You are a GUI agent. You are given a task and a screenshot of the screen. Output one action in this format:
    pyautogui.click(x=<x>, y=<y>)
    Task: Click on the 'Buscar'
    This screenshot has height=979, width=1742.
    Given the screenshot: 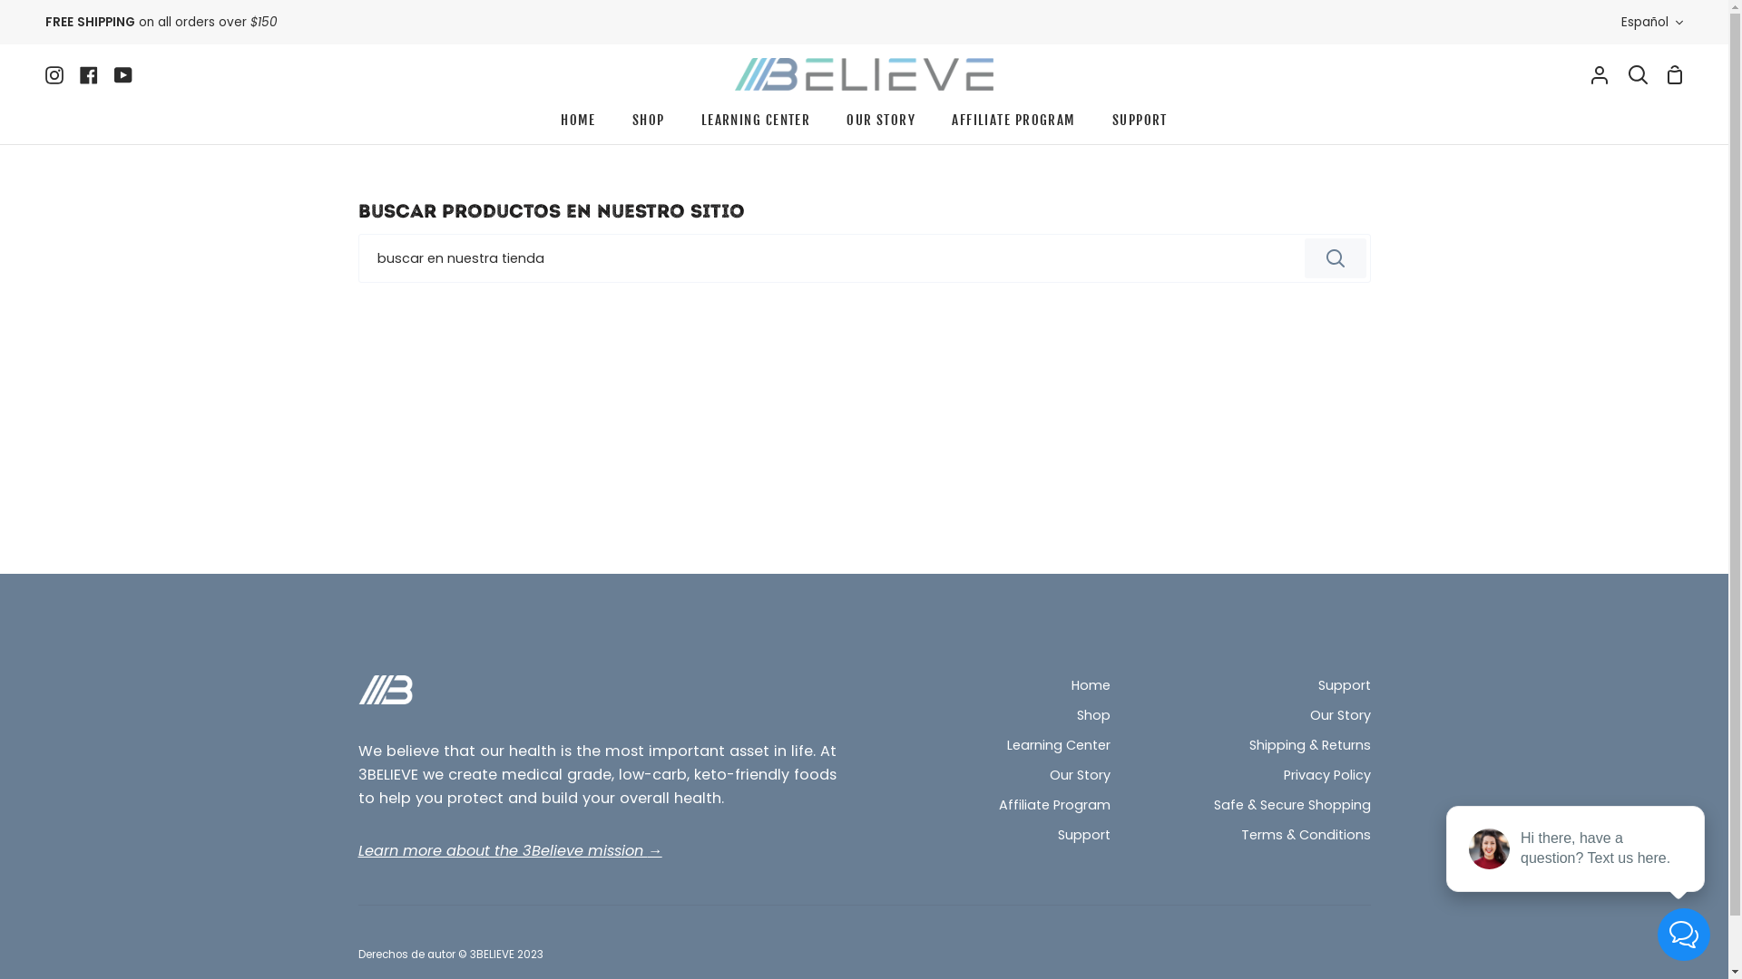 What is the action you would take?
    pyautogui.click(x=1336, y=258)
    